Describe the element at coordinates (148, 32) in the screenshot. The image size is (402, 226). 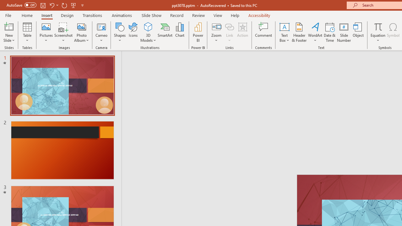
I see `'3D Models'` at that location.